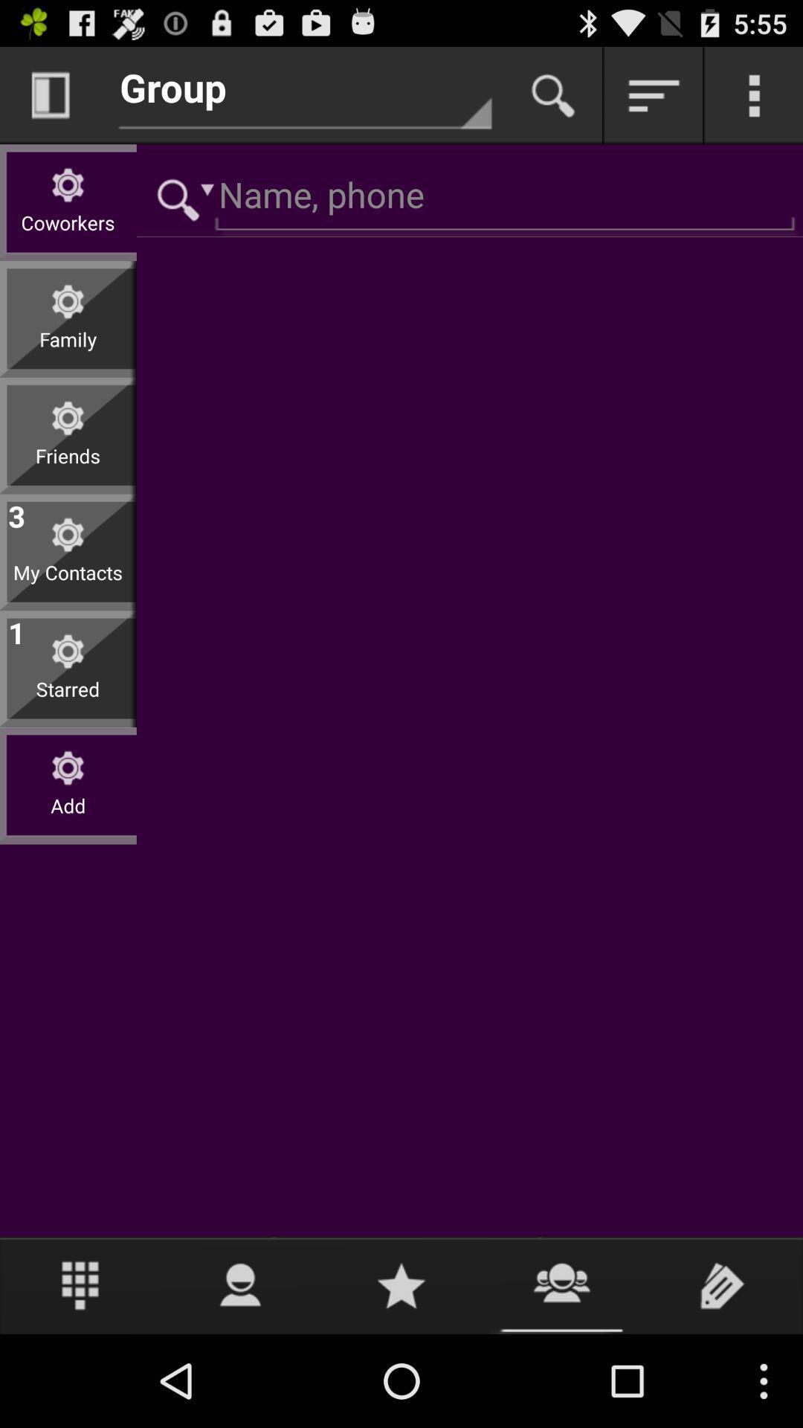  What do you see at coordinates (754, 94) in the screenshot?
I see `open option menu` at bounding box center [754, 94].